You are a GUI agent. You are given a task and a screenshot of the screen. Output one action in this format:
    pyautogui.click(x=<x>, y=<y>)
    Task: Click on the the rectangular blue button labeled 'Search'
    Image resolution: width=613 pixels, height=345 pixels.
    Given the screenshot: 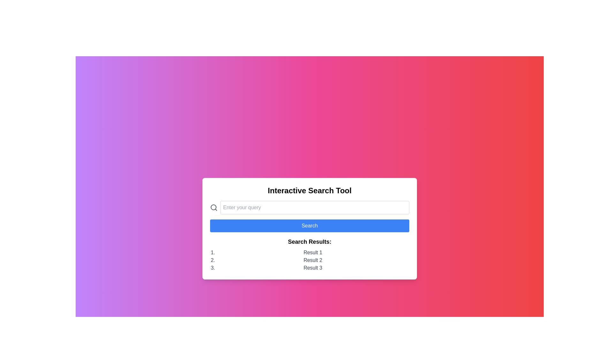 What is the action you would take?
    pyautogui.click(x=309, y=225)
    